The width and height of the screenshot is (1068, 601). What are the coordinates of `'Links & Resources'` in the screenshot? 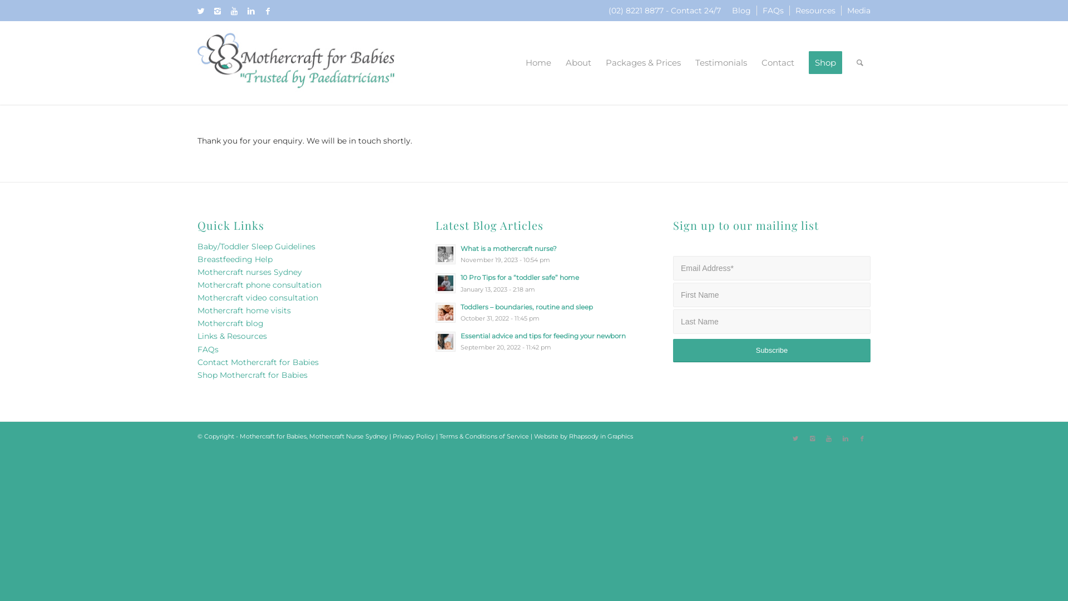 It's located at (231, 336).